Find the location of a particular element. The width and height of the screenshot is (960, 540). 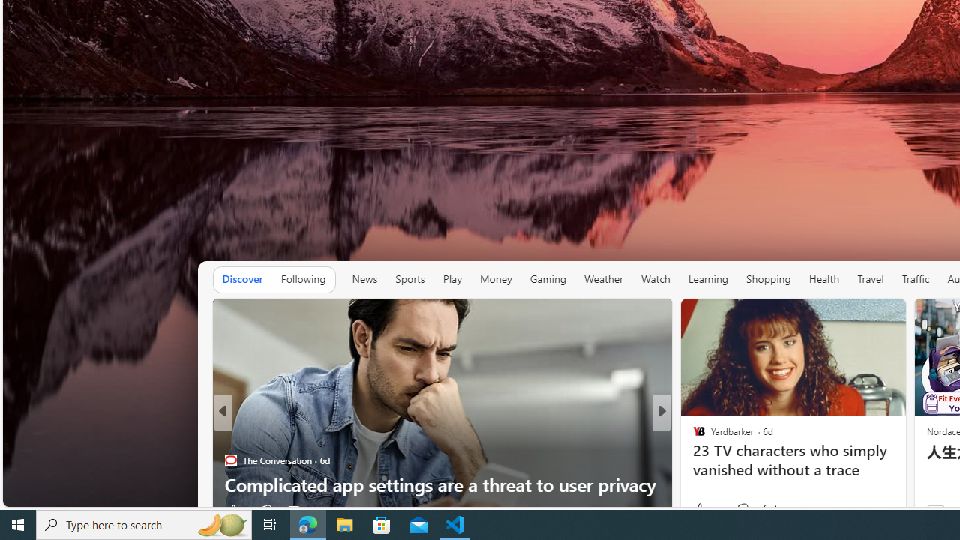

'Travel' is located at coordinates (870, 279).